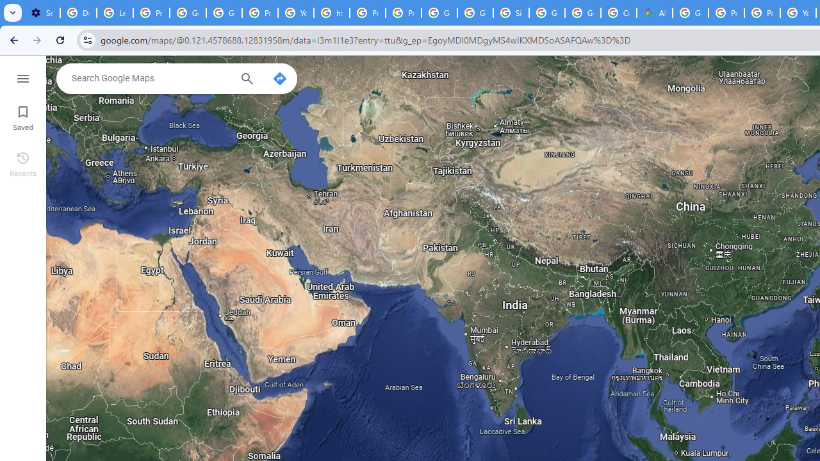 The height and width of the screenshot is (461, 820). Describe the element at coordinates (115, 13) in the screenshot. I see `'Learn how to find your photos - Google Photos Help'` at that location.